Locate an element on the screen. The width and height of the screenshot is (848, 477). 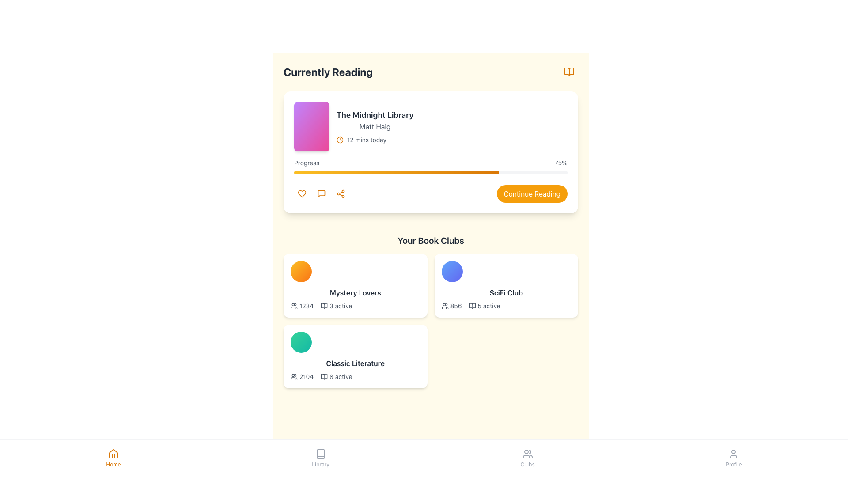
the text displaying the number of members in the 'Classic Literature' book club, located at the bottom-left corner of the card beneath the club's green circular icon is located at coordinates (302, 376).